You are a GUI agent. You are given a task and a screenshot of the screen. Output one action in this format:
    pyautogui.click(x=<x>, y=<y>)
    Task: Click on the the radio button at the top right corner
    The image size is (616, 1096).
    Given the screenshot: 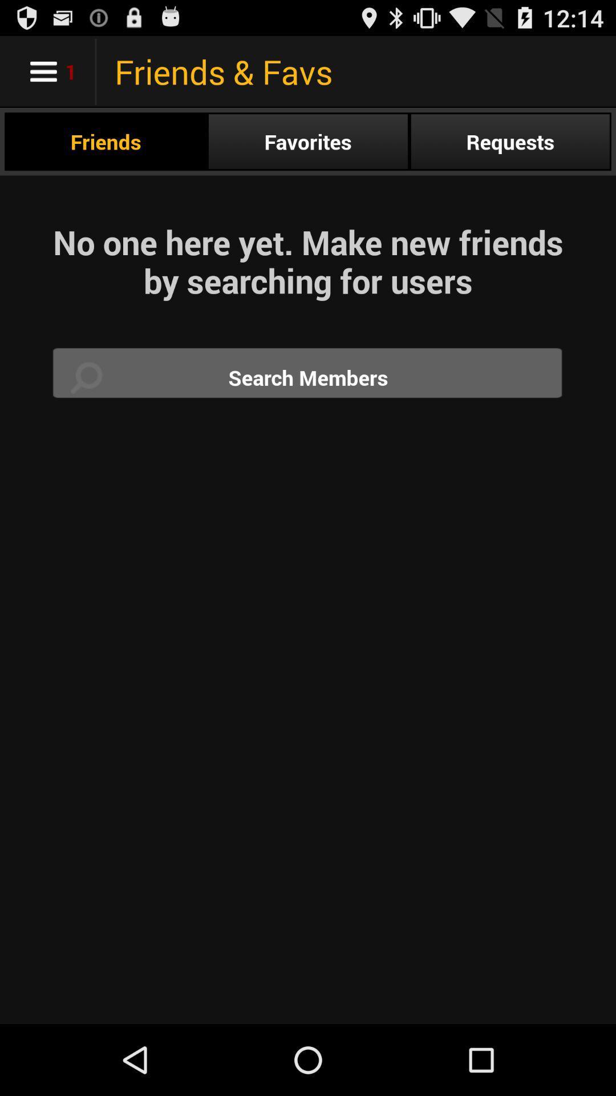 What is the action you would take?
    pyautogui.click(x=509, y=141)
    